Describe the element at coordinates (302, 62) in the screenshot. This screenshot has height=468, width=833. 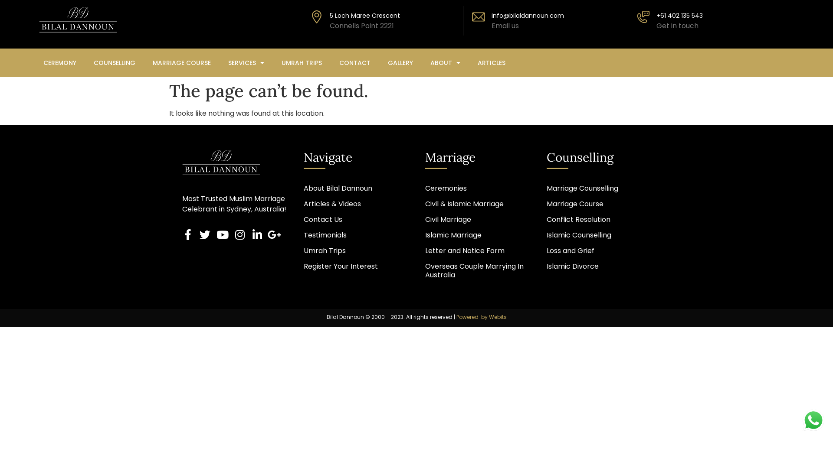
I see `'UMRAH TRIPS'` at that location.